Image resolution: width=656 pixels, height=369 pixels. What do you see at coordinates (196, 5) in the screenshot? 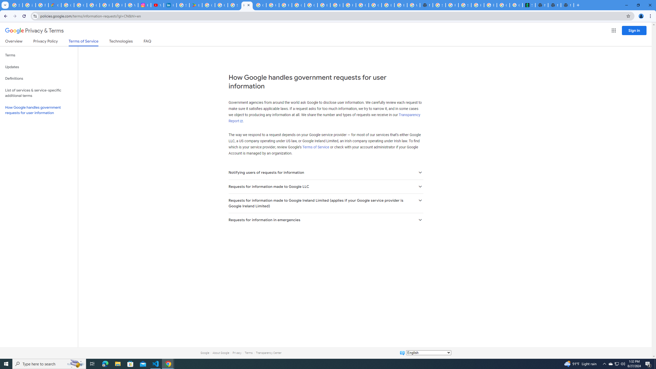
I see `'Last Shelter: Survival - Apps on Google Play'` at bounding box center [196, 5].